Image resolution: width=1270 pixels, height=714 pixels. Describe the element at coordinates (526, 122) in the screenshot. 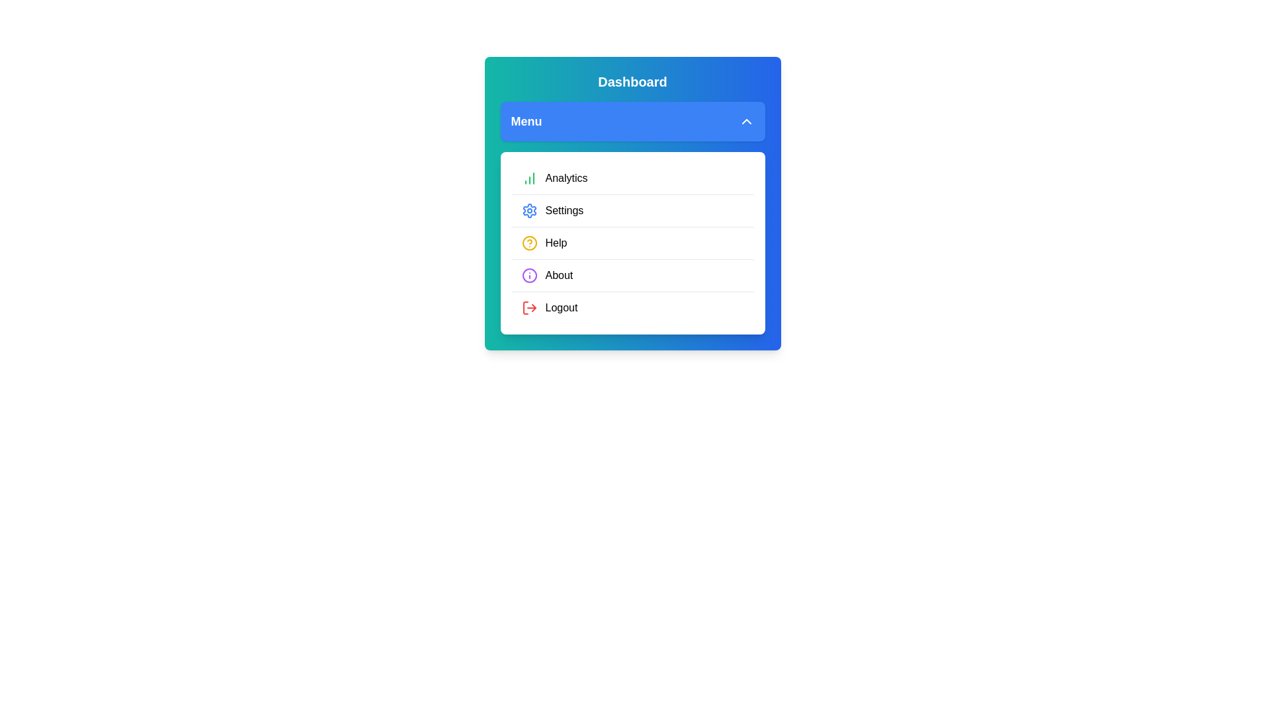

I see `the label indicating the purpose of the dropdown menu interface located at the left side of the header bar` at that location.